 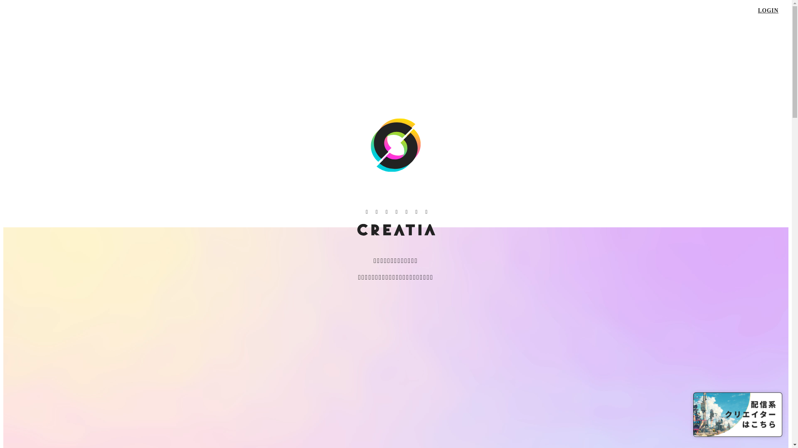 I want to click on 'LOGIN', so click(x=768, y=10).